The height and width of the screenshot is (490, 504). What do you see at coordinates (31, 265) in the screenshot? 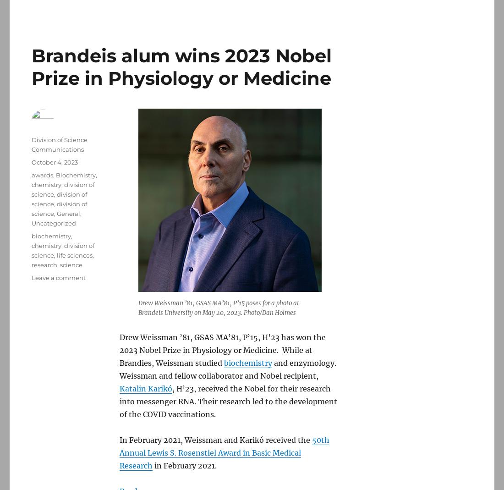
I see `'research'` at bounding box center [31, 265].